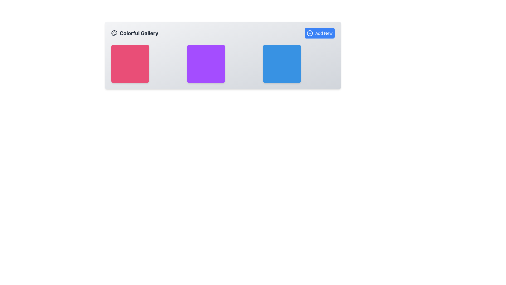  Describe the element at coordinates (282, 64) in the screenshot. I see `the blue square with rounded corners located in the third position of a horizontally aligned group of similarly styled square elements` at that location.